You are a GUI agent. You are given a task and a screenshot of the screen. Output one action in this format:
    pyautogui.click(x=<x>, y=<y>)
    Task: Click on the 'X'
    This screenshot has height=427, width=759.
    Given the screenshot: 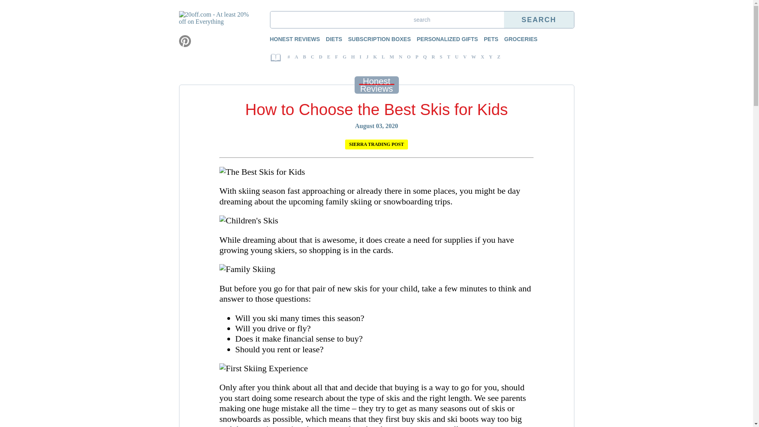 What is the action you would take?
    pyautogui.click(x=482, y=57)
    